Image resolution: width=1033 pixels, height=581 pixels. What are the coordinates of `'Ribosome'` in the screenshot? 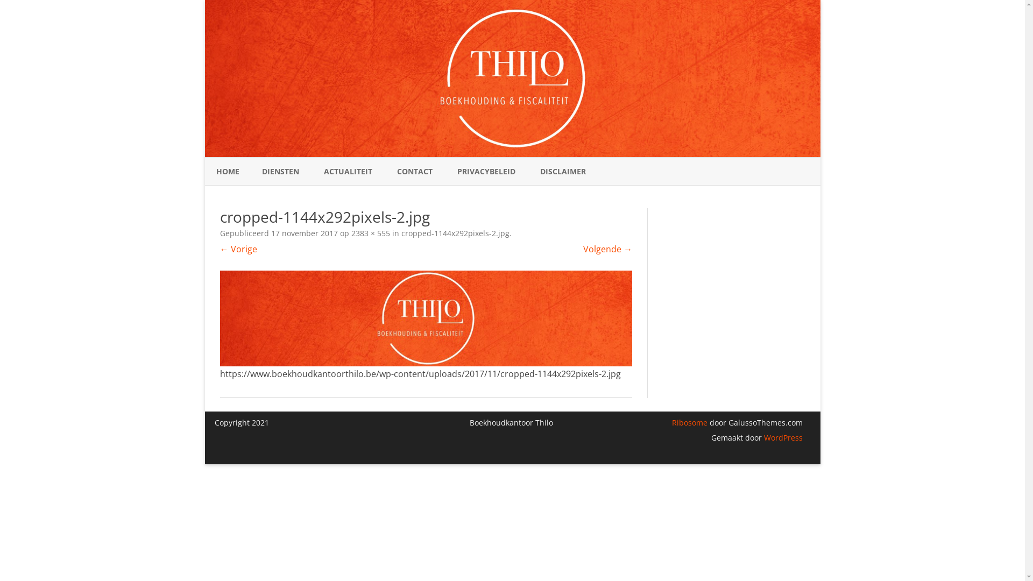 It's located at (689, 422).